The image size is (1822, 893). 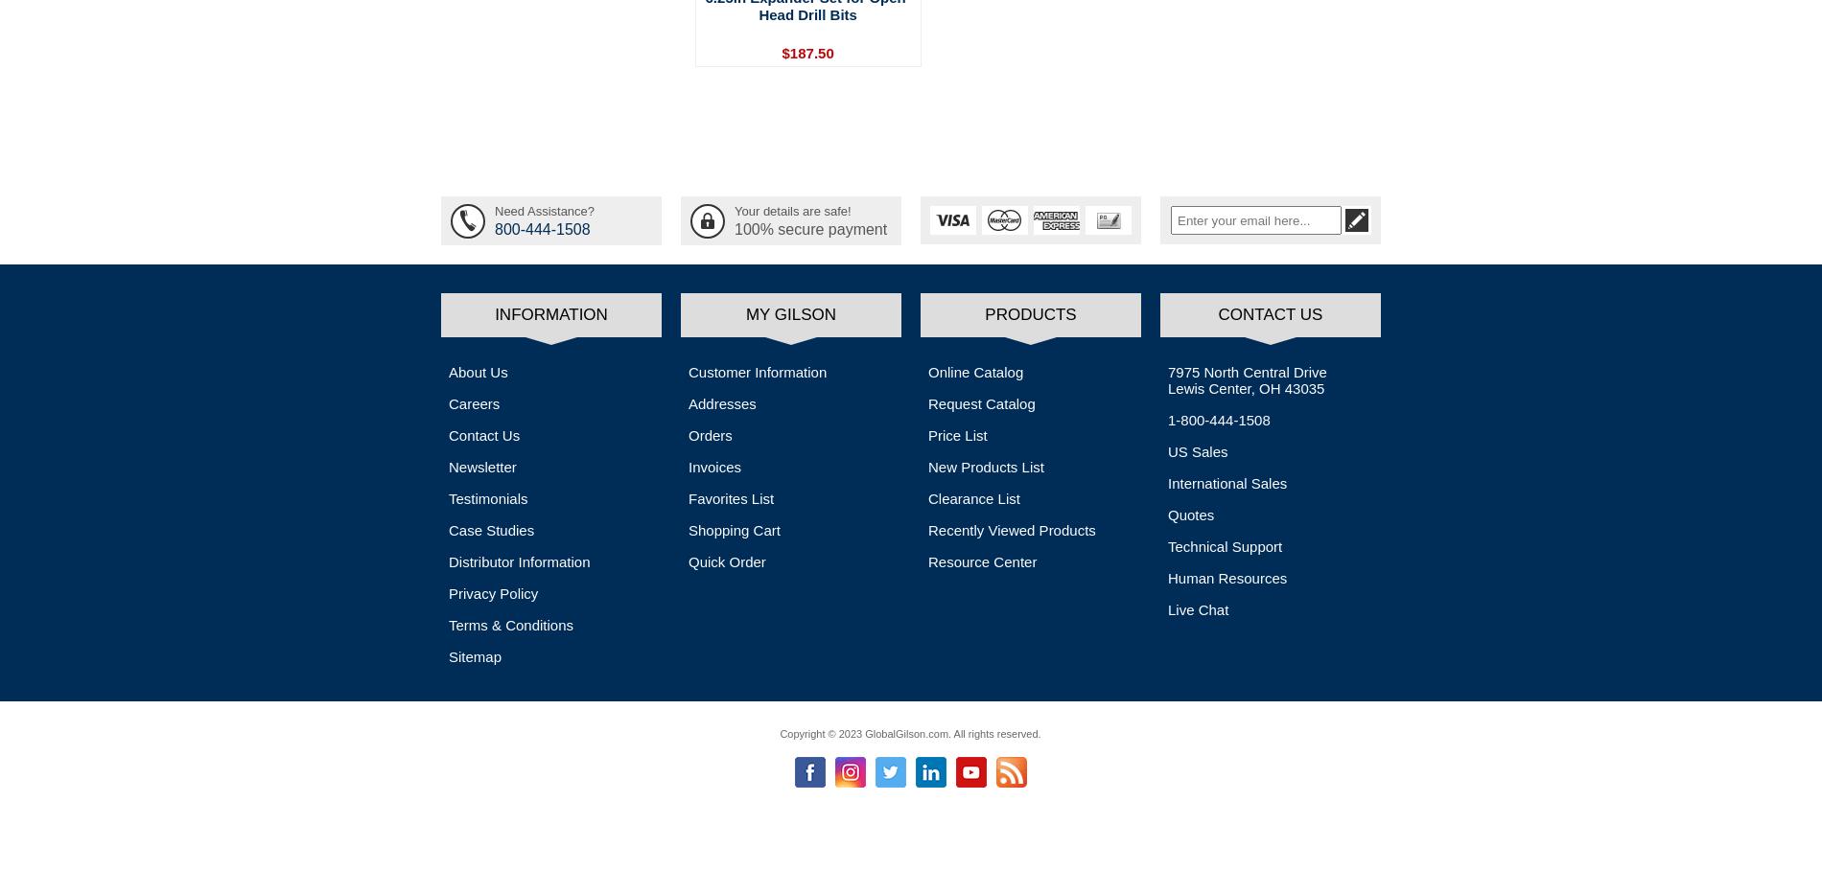 I want to click on 'Copyright © 2023 GlobalGilson.com. All rights reserved.', so click(x=909, y=732).